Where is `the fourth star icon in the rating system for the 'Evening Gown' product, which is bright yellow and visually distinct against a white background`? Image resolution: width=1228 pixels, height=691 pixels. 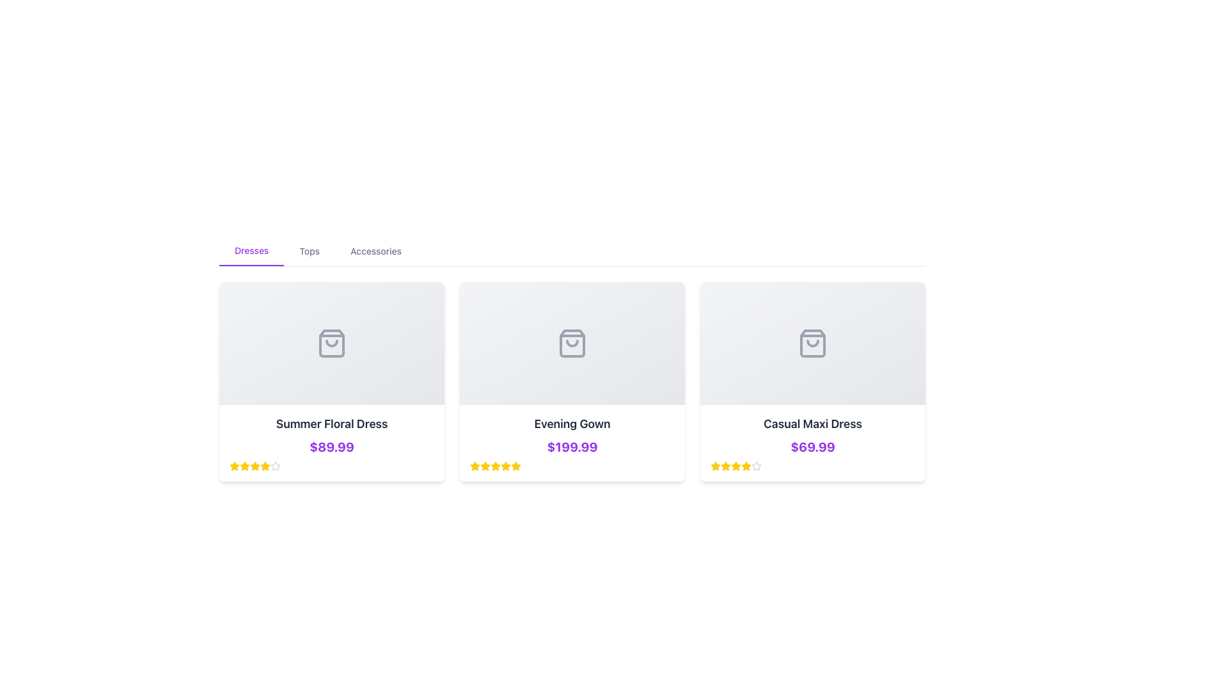 the fourth star icon in the rating system for the 'Evening Gown' product, which is bright yellow and visually distinct against a white background is located at coordinates (505, 466).